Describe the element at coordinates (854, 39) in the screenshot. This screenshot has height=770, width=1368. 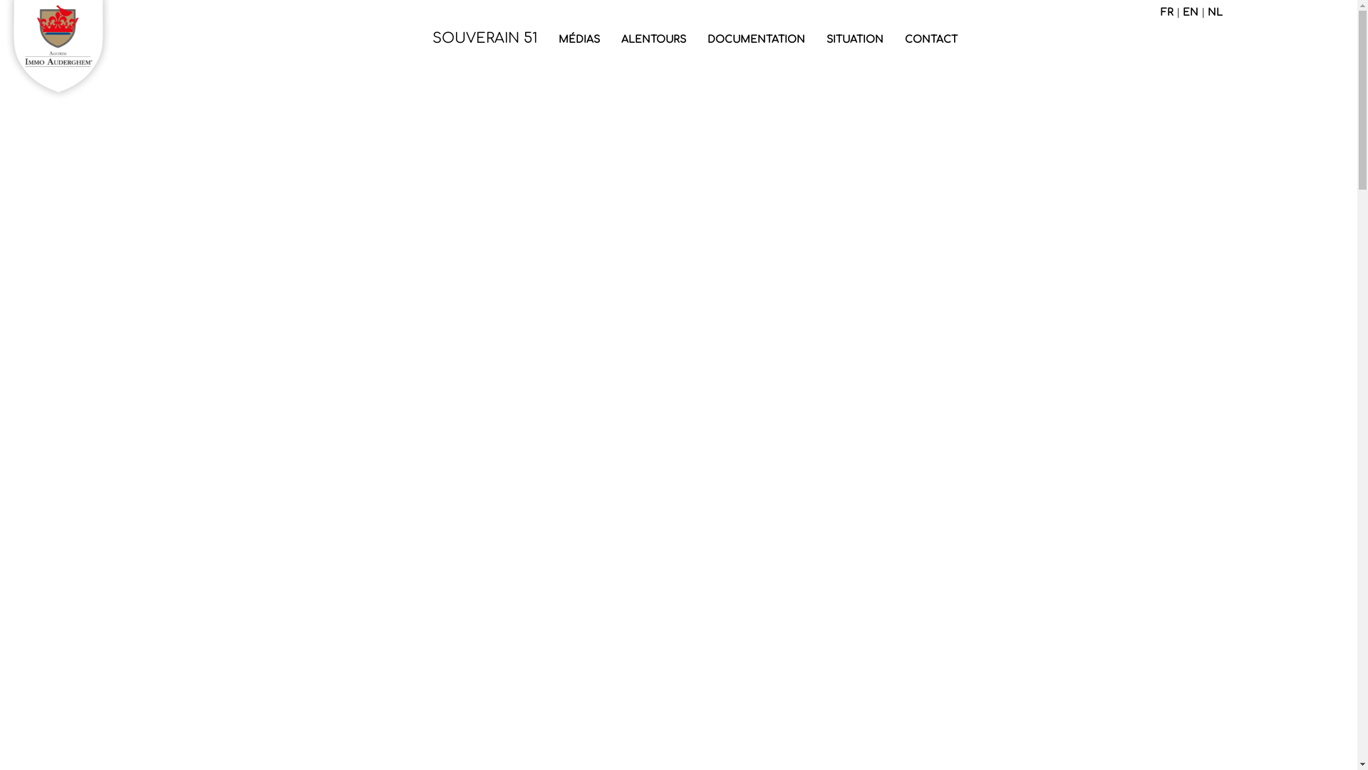
I see `'SITUATION'` at that location.